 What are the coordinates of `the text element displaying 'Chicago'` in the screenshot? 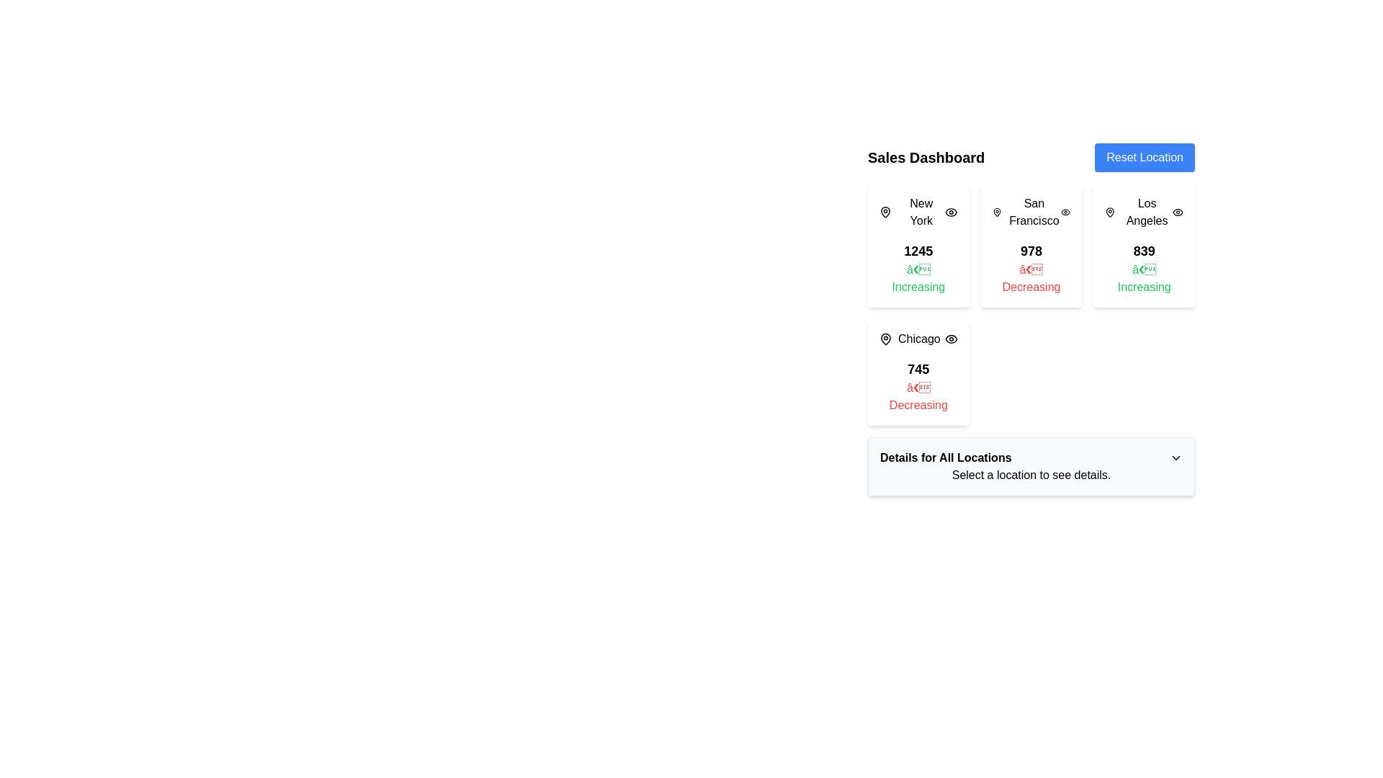 It's located at (909, 339).